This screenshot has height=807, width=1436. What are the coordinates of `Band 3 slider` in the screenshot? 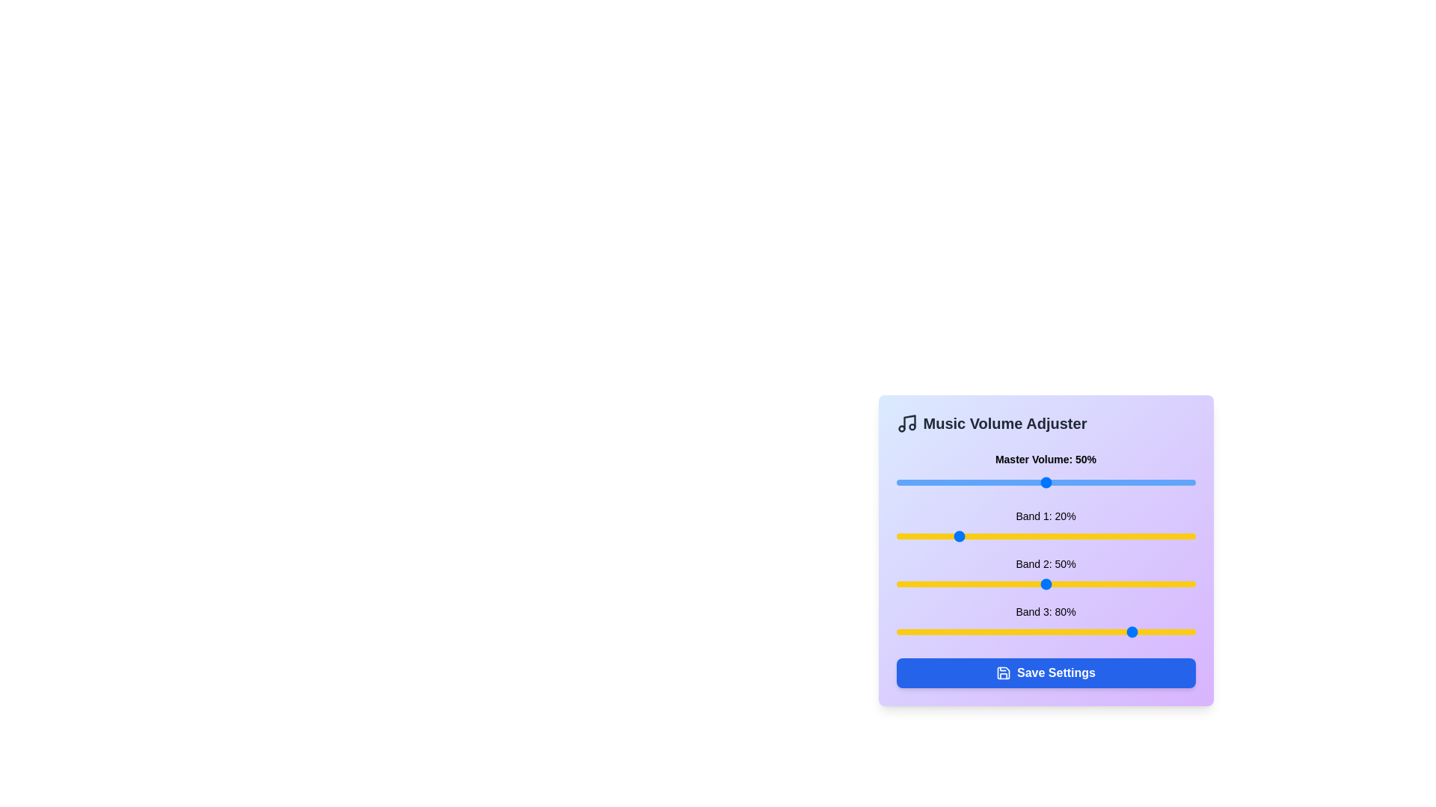 It's located at (971, 631).